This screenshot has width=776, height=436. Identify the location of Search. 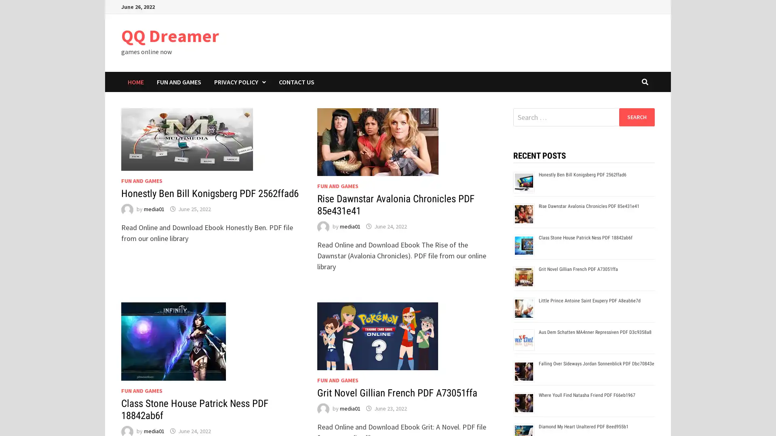
(636, 117).